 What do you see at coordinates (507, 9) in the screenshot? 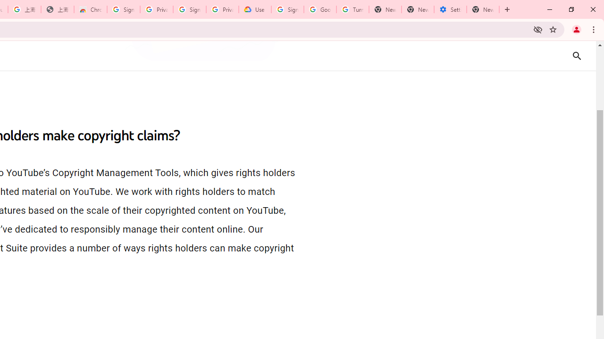
I see `'New Tab'` at bounding box center [507, 9].